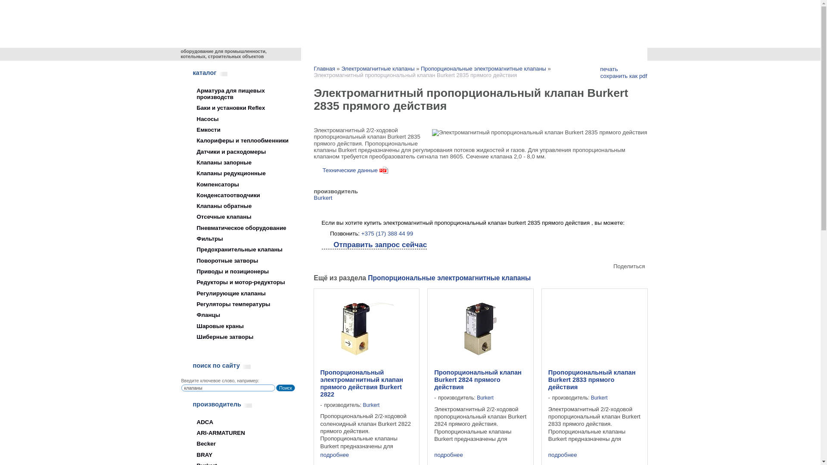  Describe the element at coordinates (237, 422) in the screenshot. I see `'ADCA'` at that location.